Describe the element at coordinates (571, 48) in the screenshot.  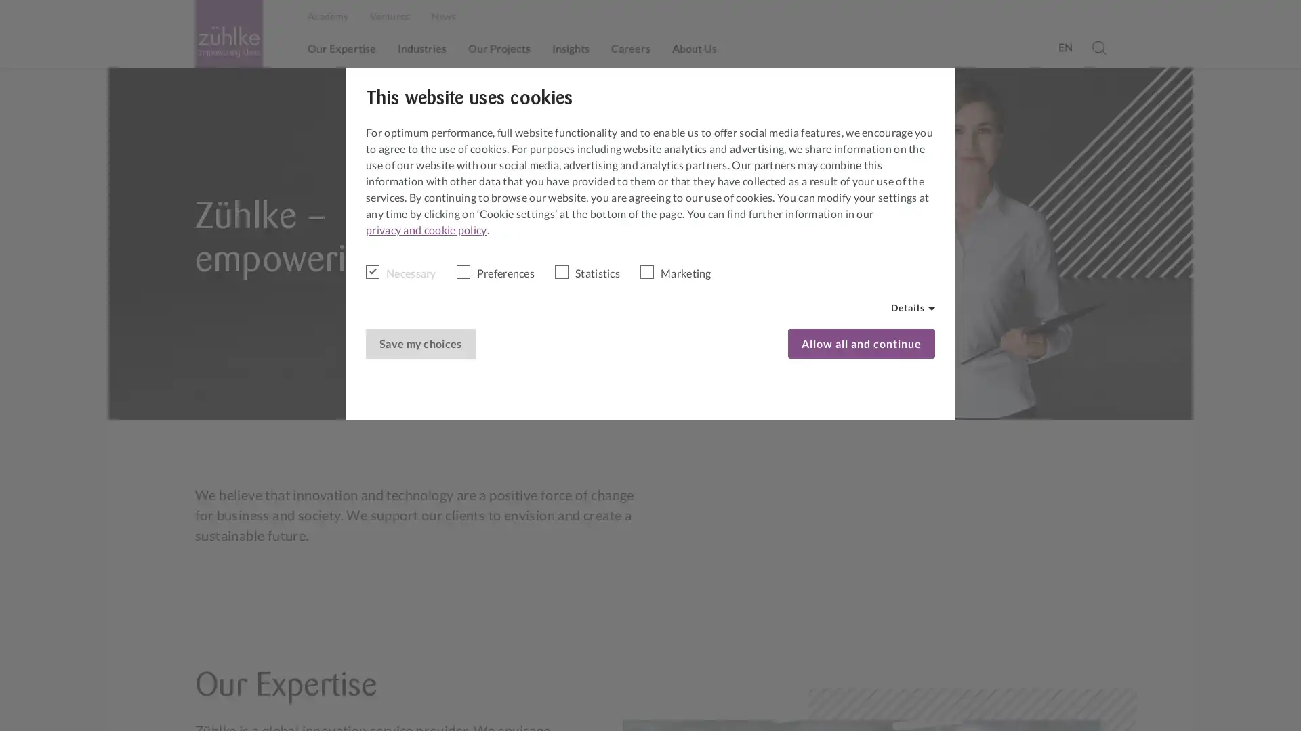
I see `Insights` at that location.